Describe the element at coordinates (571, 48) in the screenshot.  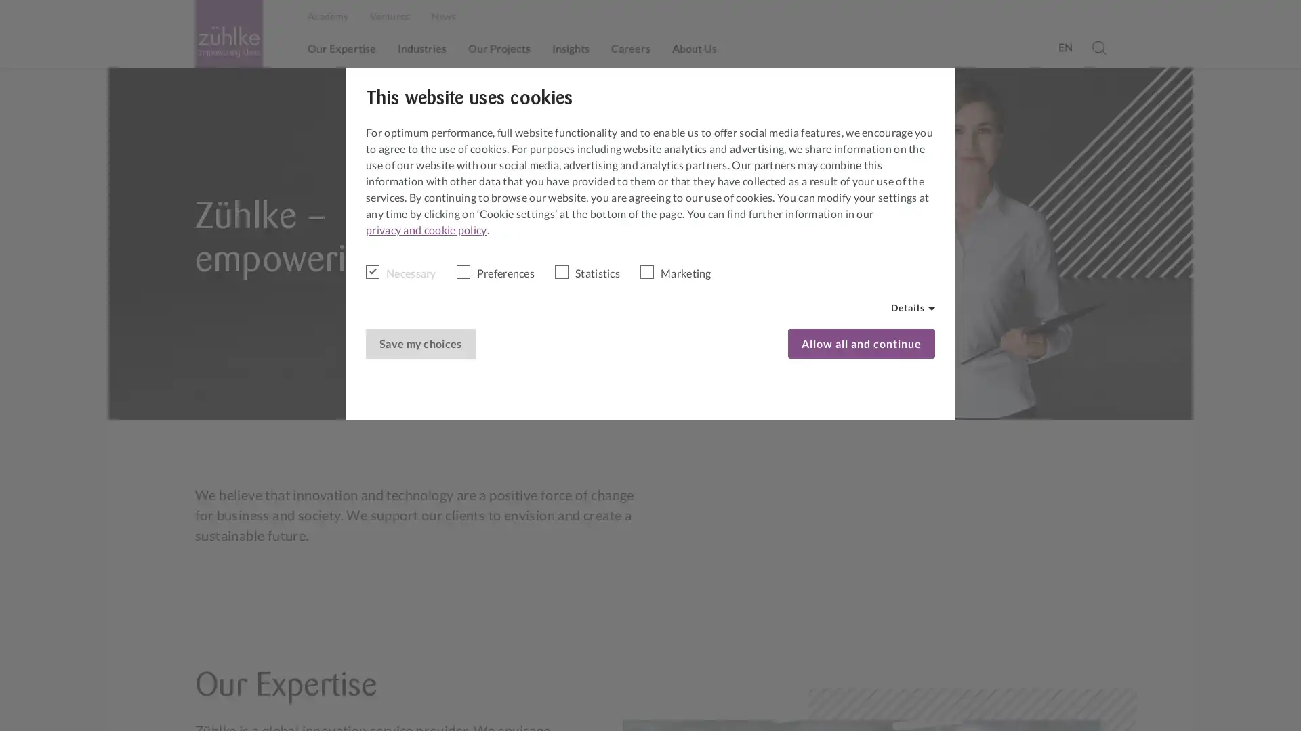
I see `Insights` at that location.